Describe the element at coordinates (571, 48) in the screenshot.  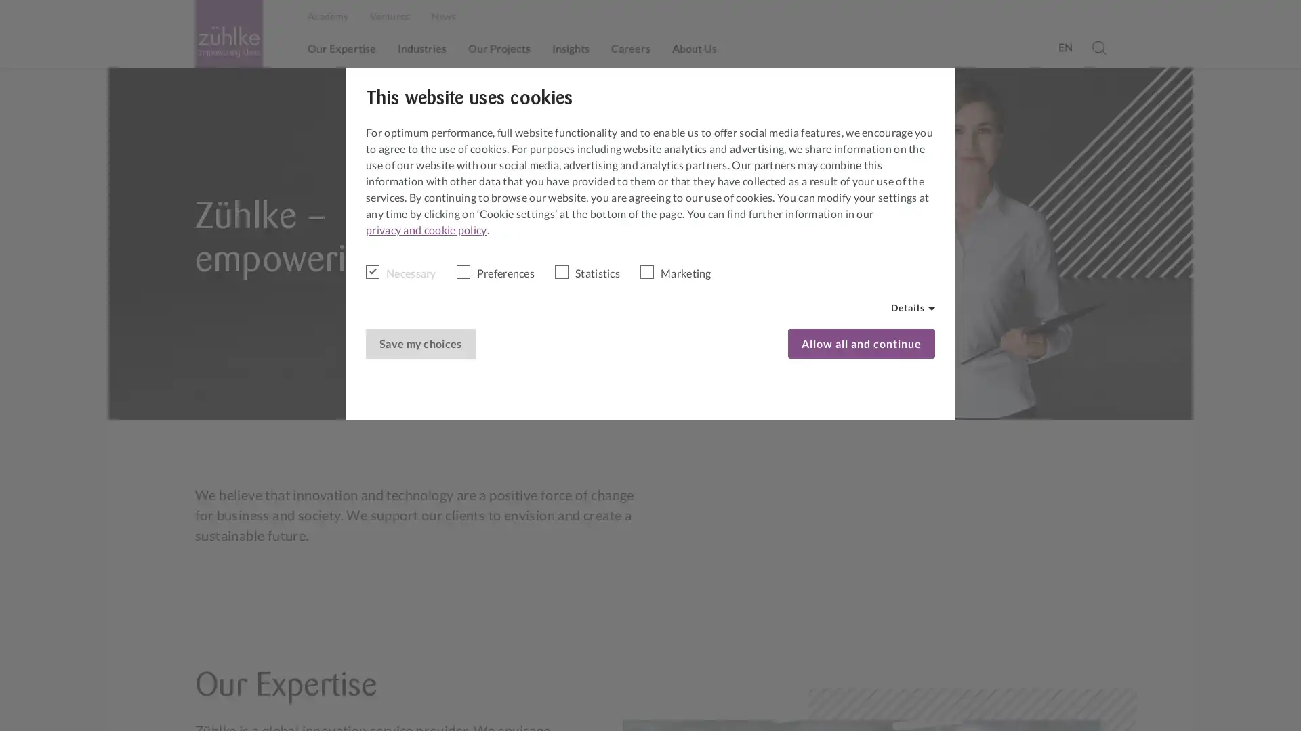
I see `Insights` at that location.